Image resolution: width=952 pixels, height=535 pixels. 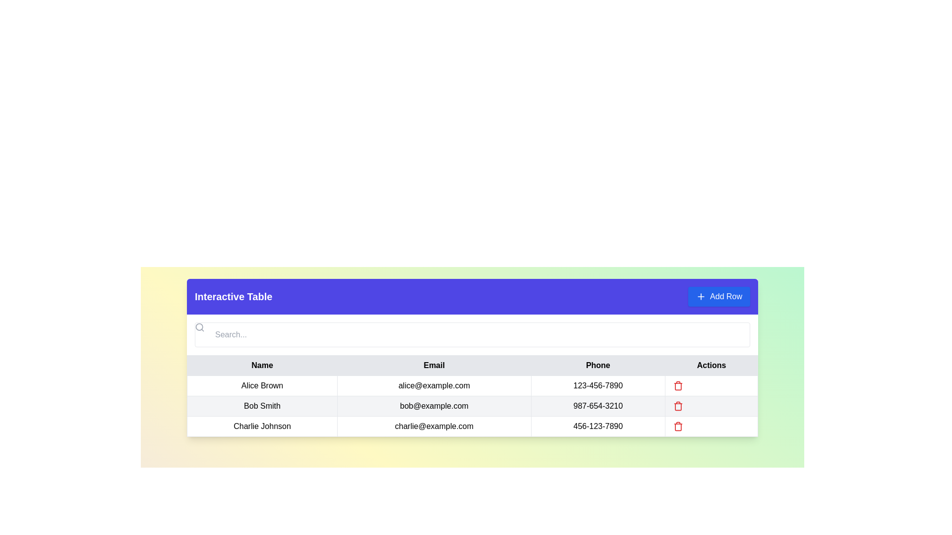 What do you see at coordinates (233, 296) in the screenshot?
I see `the prominent header text labeled 'Interactive Table' which is styled in white against an indigo blue background, located on the left side of the header section of the table interface` at bounding box center [233, 296].